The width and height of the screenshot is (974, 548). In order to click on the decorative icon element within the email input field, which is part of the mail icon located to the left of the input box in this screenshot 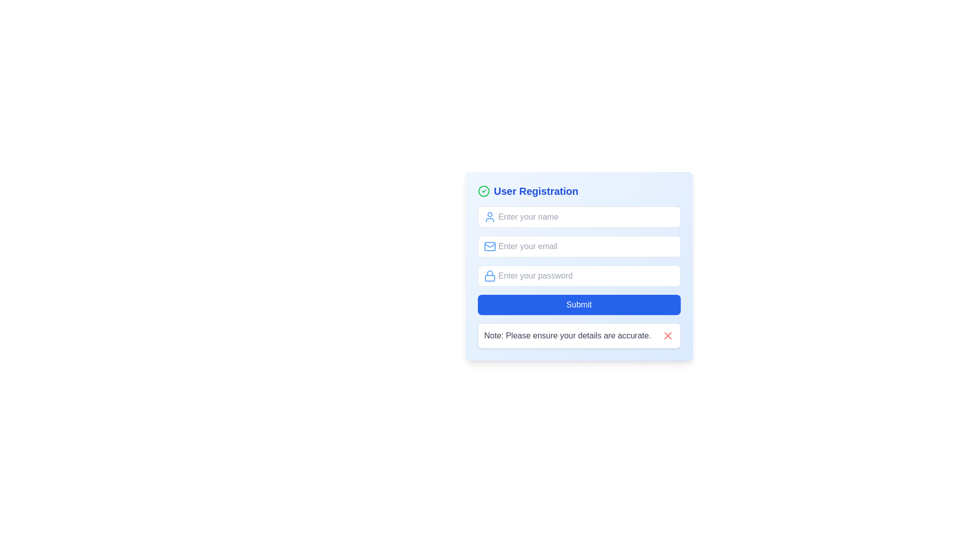, I will do `click(490, 245)`.